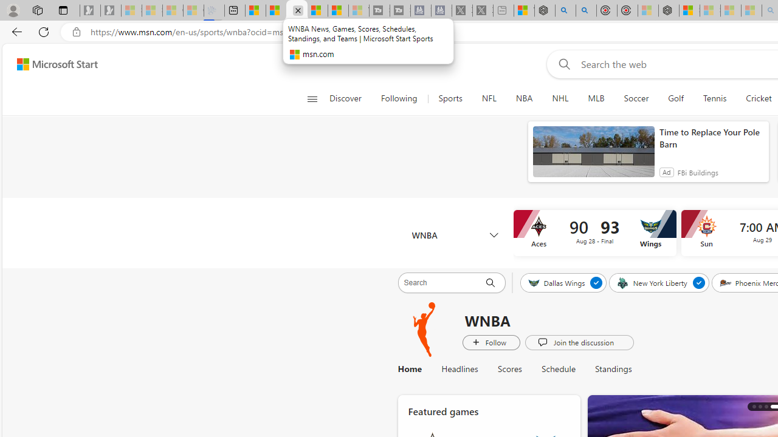 This screenshot has height=437, width=778. I want to click on 'Home', so click(410, 368).